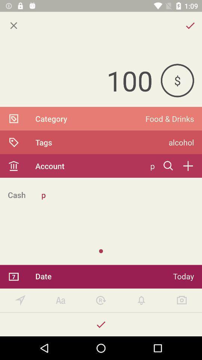 The height and width of the screenshot is (360, 202). I want to click on ok, so click(101, 324).